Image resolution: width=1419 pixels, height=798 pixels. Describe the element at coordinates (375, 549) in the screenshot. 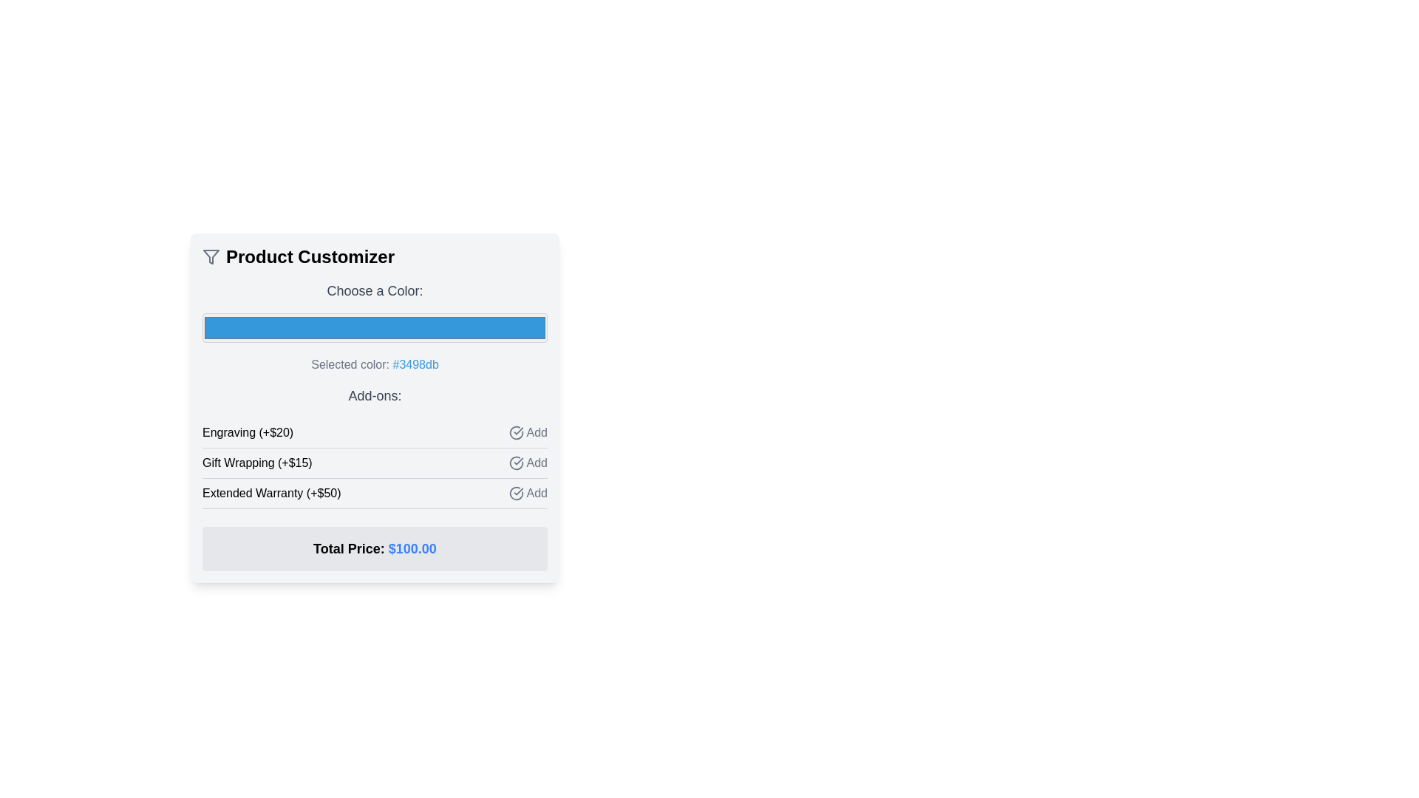

I see `the Text Label displaying 'Total Price: $100.00' with a blue-highlighted '$100.00' part, located at the bottom of the product customization panel` at that location.